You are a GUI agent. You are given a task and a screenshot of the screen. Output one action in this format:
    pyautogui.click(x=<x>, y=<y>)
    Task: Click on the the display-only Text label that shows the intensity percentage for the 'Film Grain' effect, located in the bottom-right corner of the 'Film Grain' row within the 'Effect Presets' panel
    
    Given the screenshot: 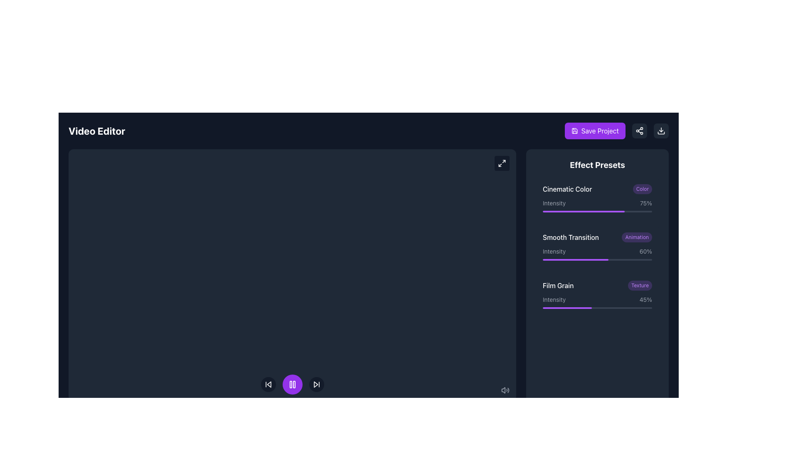 What is the action you would take?
    pyautogui.click(x=645, y=300)
    